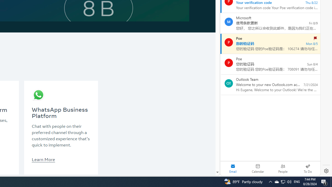 Image resolution: width=332 pixels, height=187 pixels. I want to click on 'To Do', so click(308, 168).